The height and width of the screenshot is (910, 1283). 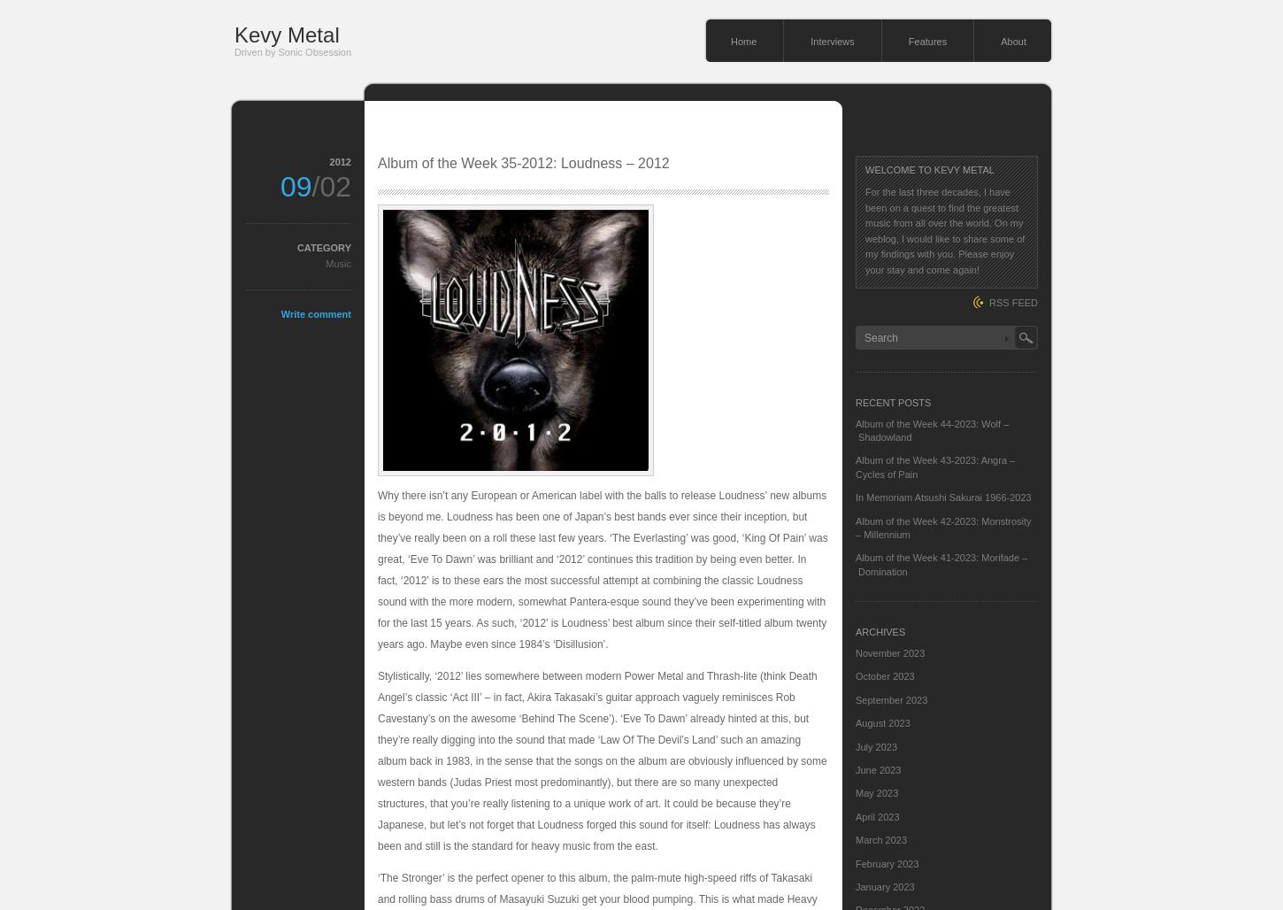 What do you see at coordinates (893, 400) in the screenshot?
I see `'Recent Posts'` at bounding box center [893, 400].